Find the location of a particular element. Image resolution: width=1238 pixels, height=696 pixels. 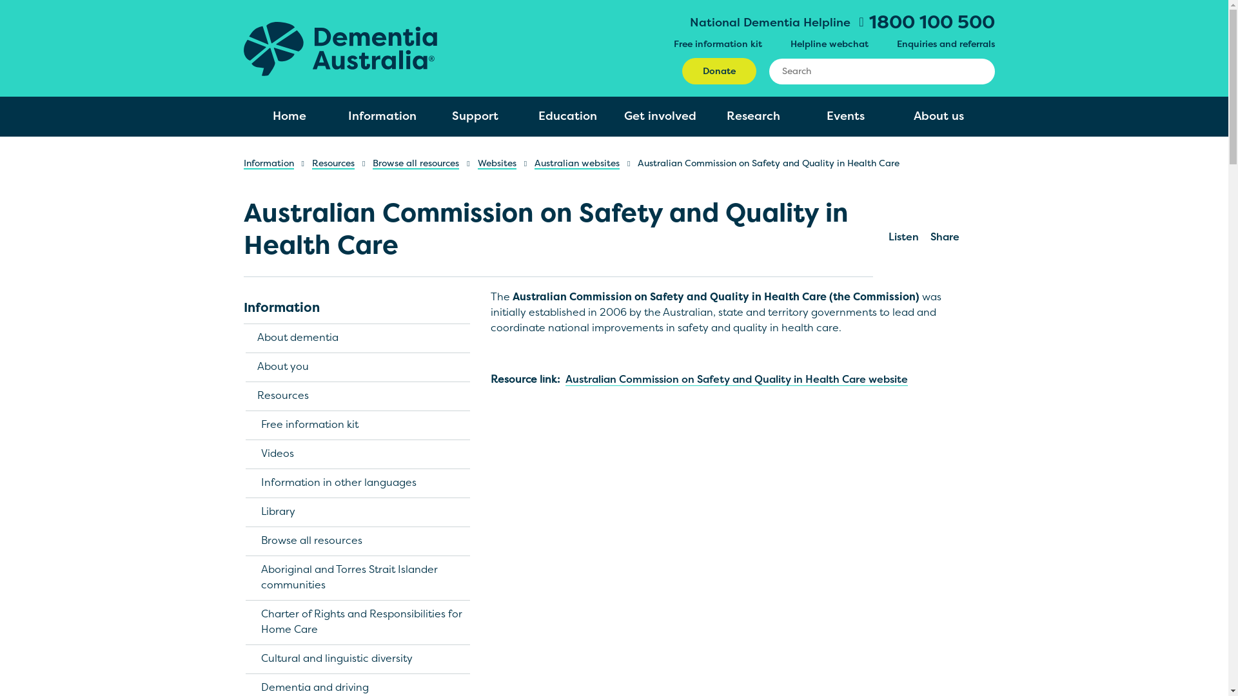

'Free information kit' is located at coordinates (716, 44).